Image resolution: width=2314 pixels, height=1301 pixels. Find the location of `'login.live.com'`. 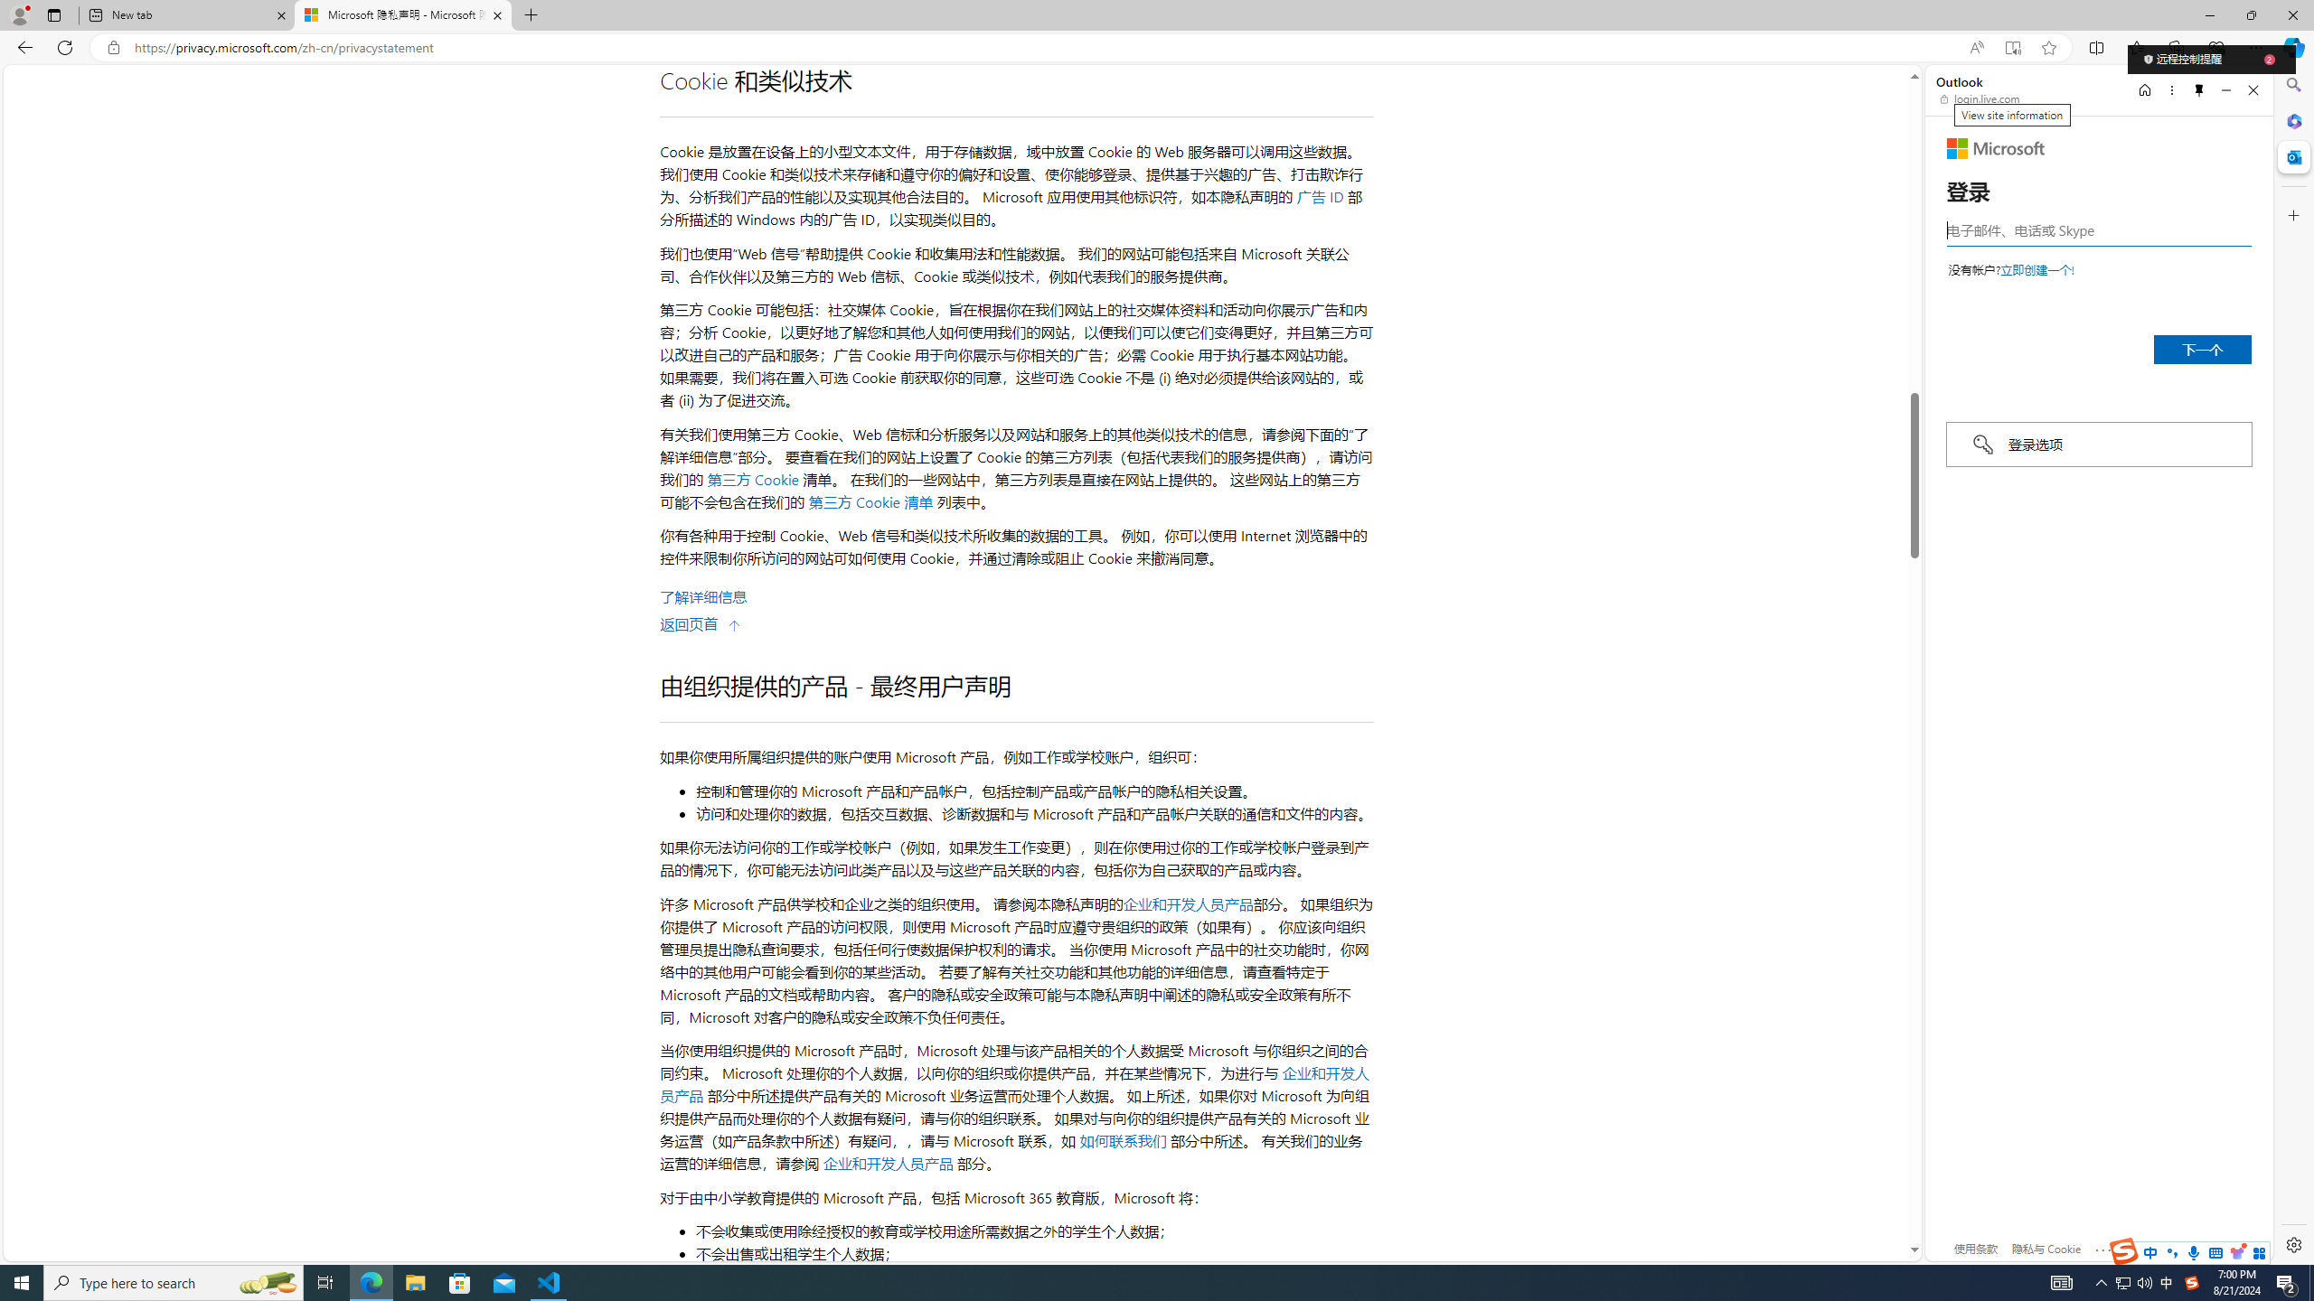

'login.live.com' is located at coordinates (1980, 98).